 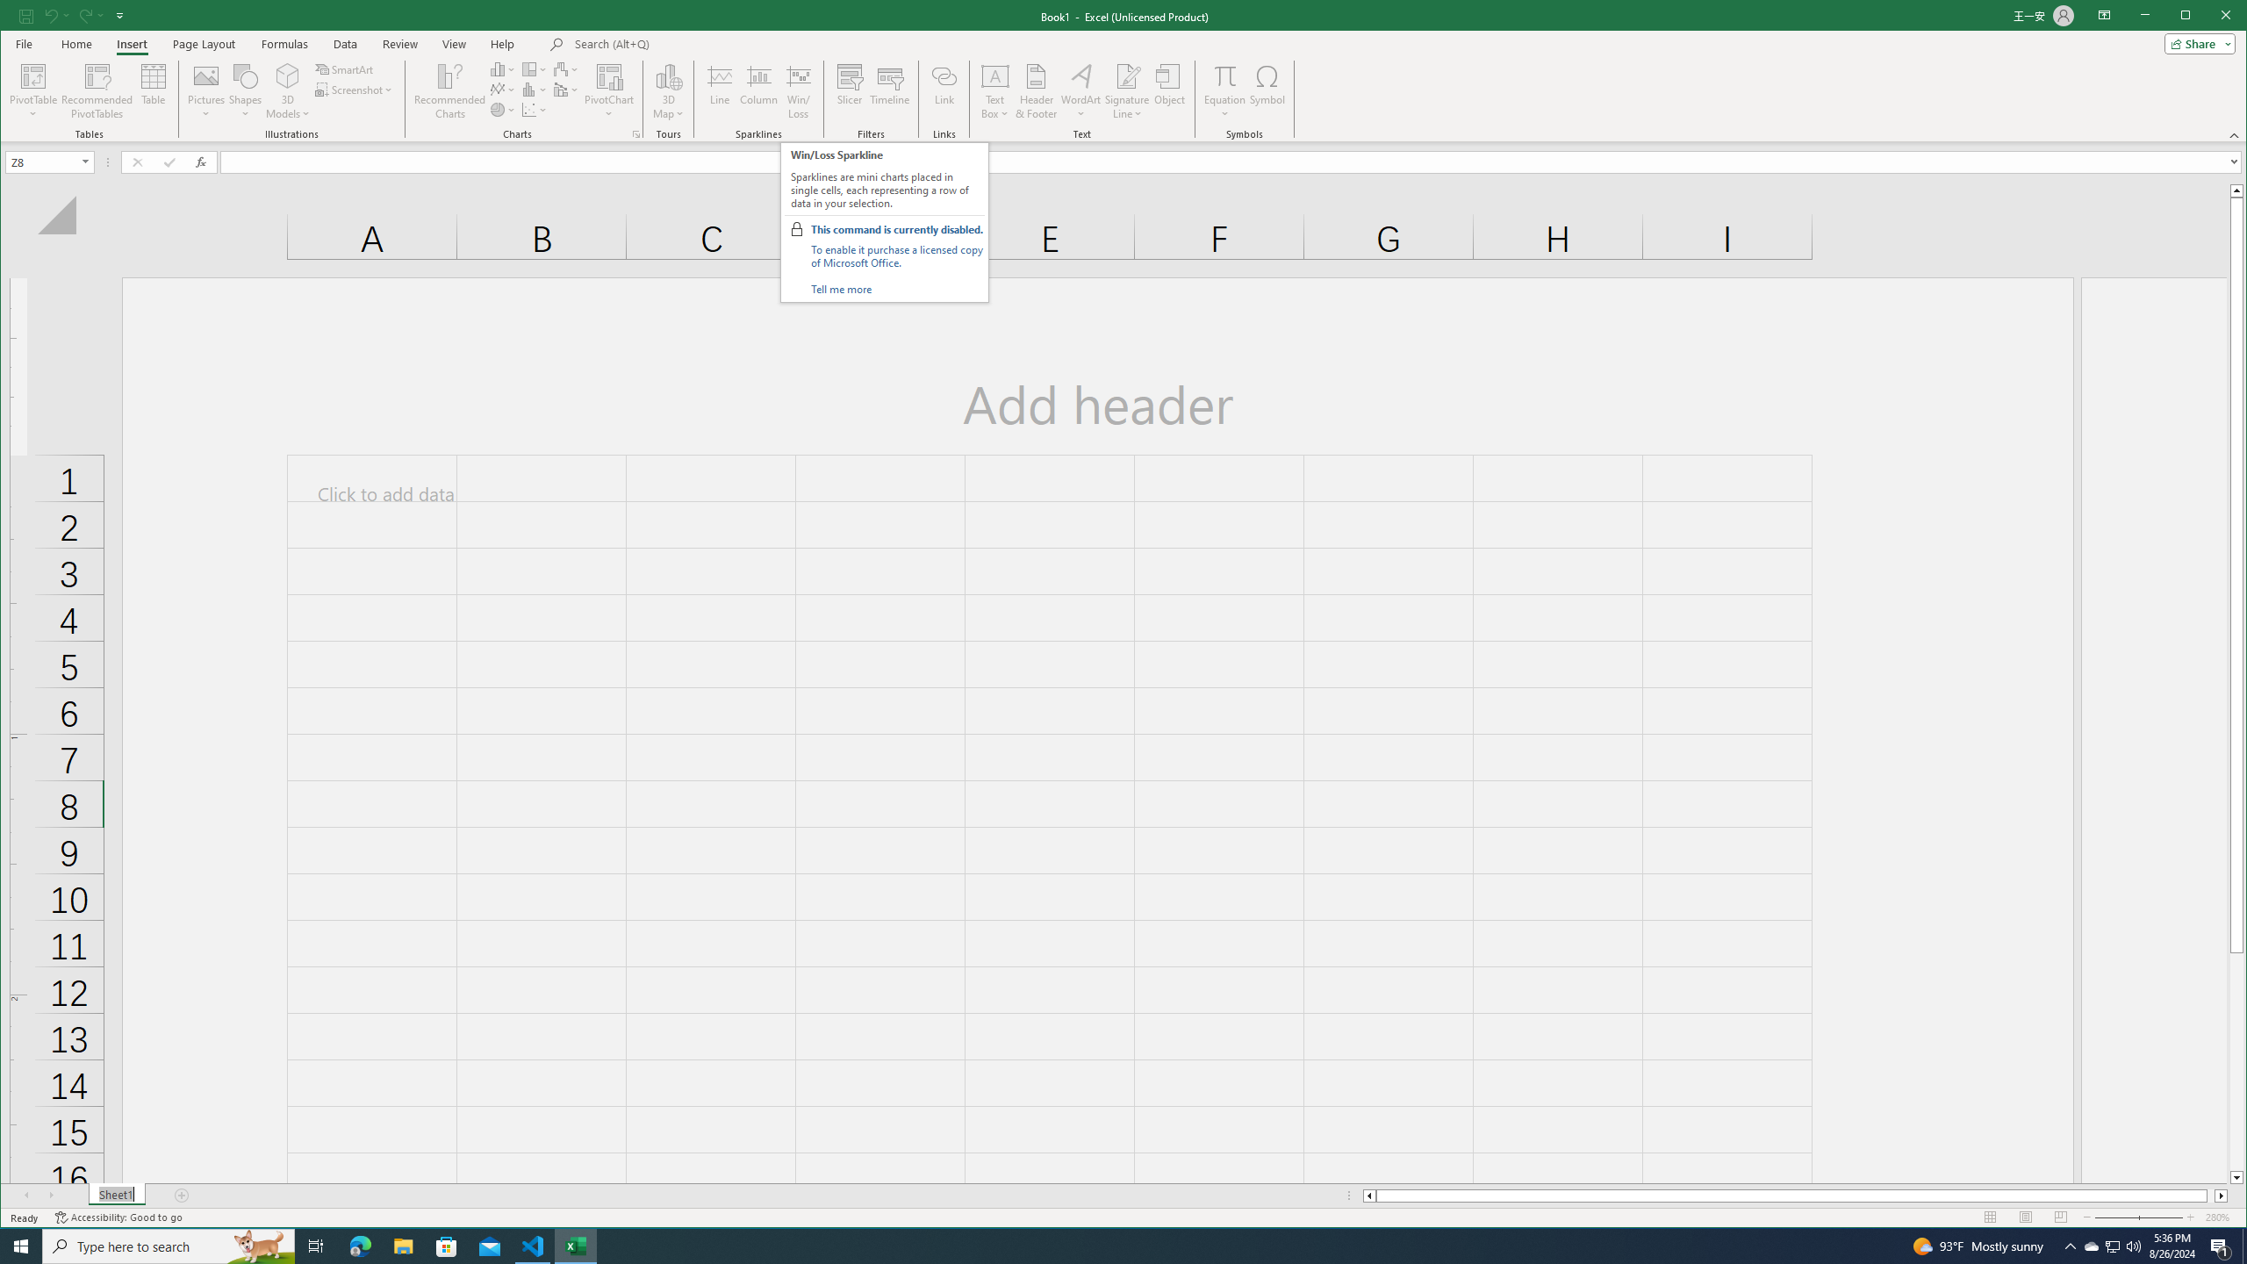 What do you see at coordinates (607, 75) in the screenshot?
I see `'PivotChart'` at bounding box center [607, 75].